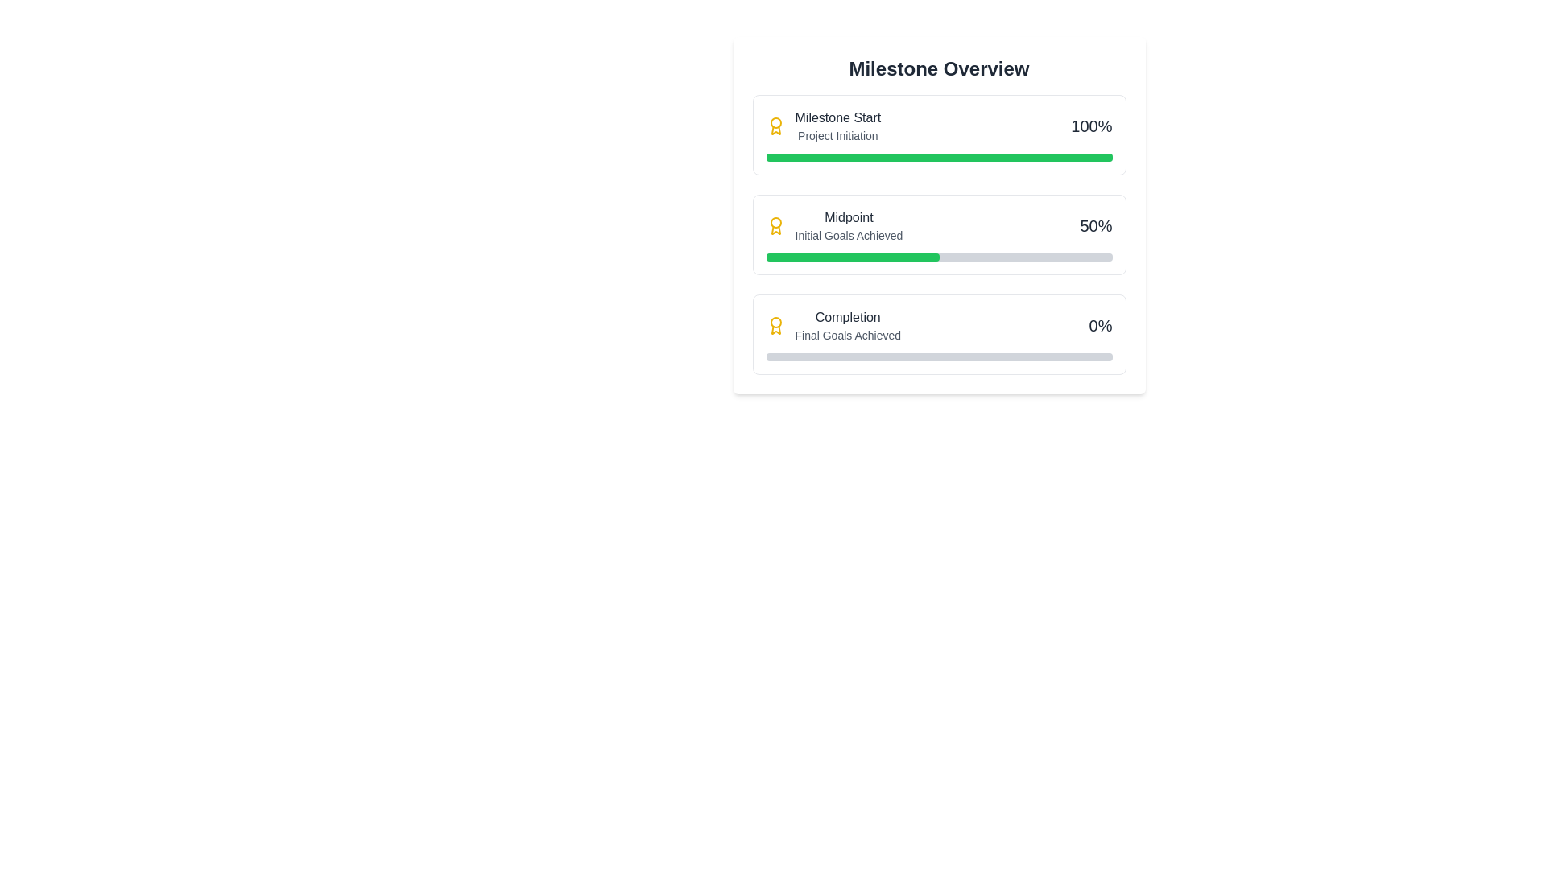  I want to click on the Progress indicator (filled bar) located in the 'Midpoint' milestone section, which is a horizontal bar filled halfway in green, beneath the 'Midpoint' label, so click(852, 257).